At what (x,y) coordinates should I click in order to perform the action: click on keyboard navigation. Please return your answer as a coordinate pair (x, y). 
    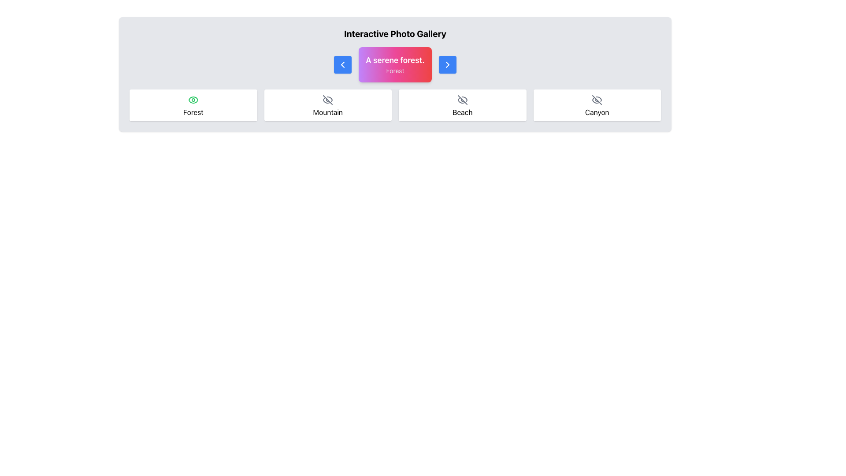
    Looking at the image, I should click on (597, 100).